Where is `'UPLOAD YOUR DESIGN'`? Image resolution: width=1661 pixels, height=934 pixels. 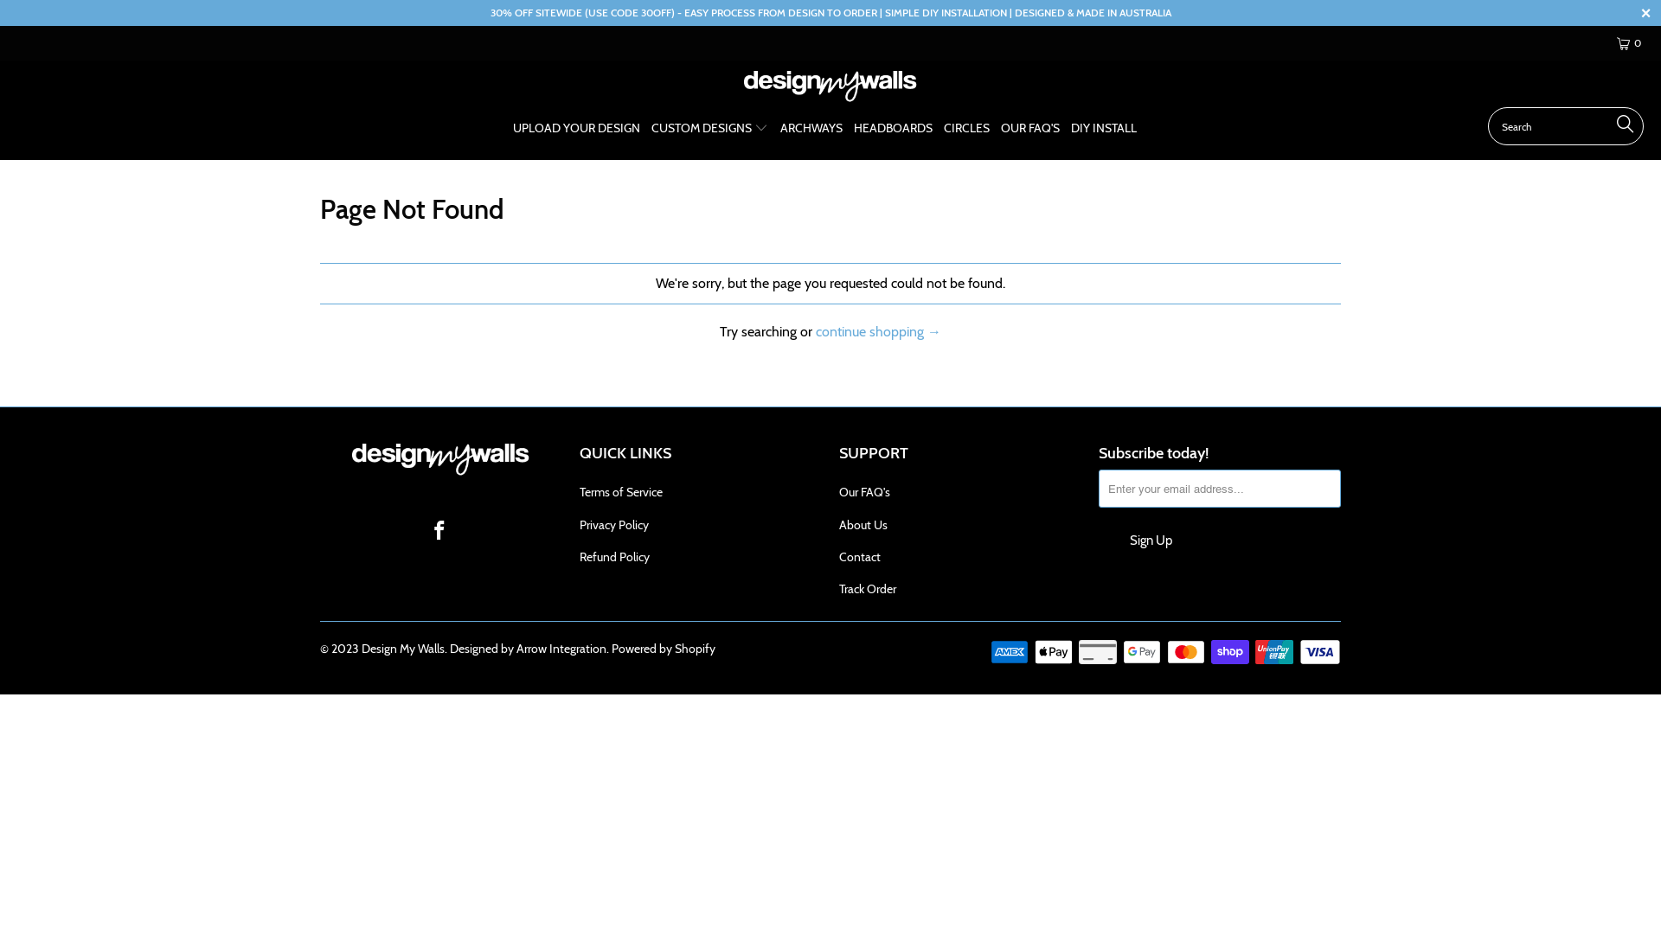 'UPLOAD YOUR DESIGN' is located at coordinates (512, 128).